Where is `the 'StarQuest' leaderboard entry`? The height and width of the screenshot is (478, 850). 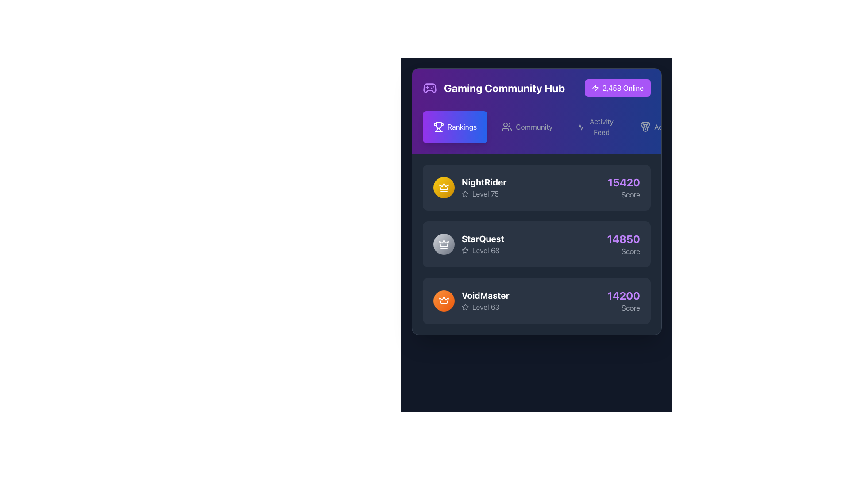 the 'StarQuest' leaderboard entry is located at coordinates (482, 244).